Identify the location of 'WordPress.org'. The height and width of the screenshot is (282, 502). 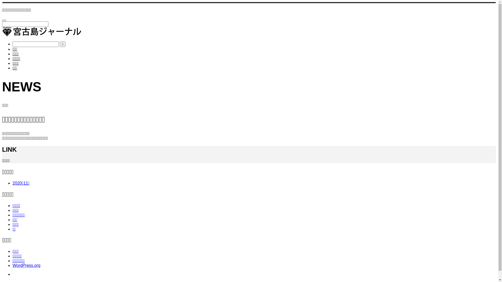
(26, 265).